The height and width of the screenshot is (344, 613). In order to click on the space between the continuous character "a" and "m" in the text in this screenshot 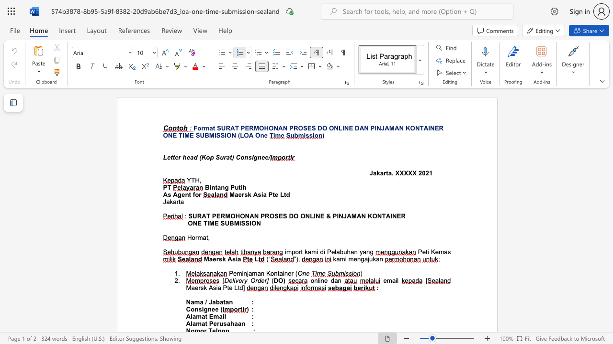, I will do `click(196, 316)`.